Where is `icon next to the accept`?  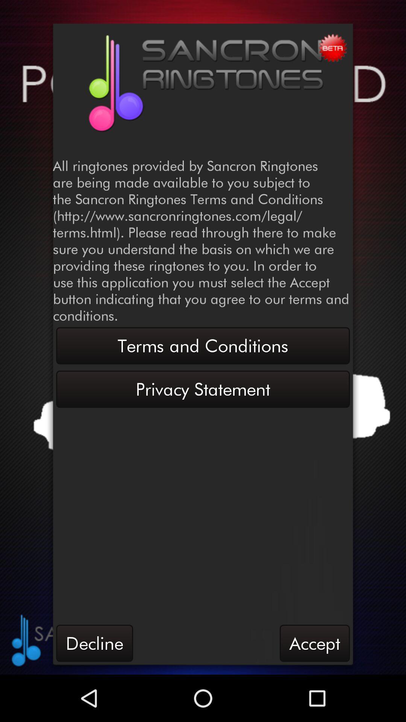
icon next to the accept is located at coordinates (94, 643).